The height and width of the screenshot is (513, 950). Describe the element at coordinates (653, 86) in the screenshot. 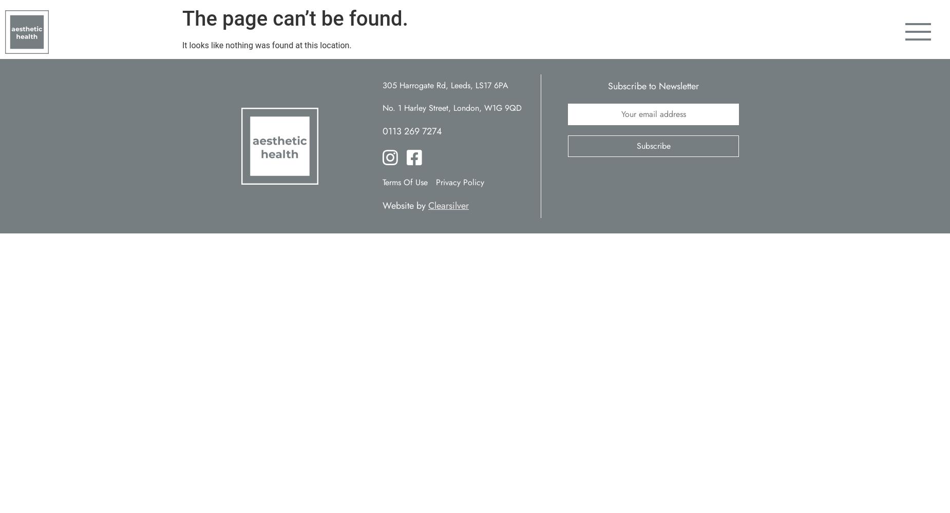

I see `'Subscribe to Newsletter'` at that location.